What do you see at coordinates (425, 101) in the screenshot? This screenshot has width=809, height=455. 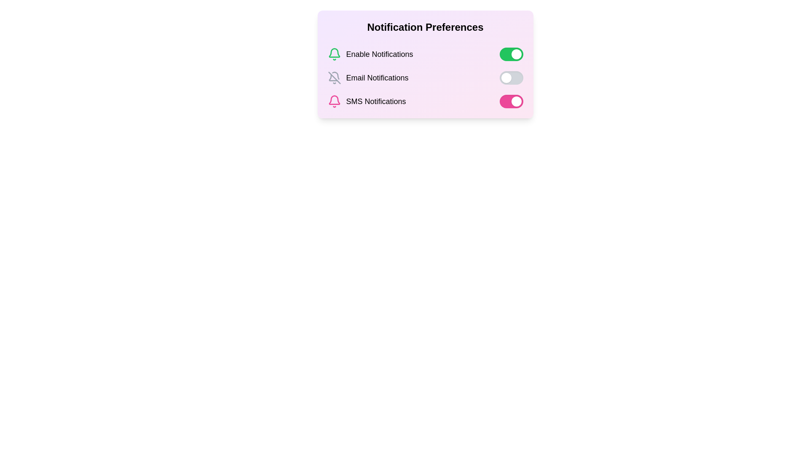 I see `the toggle switch for SMS notifications in the Notification Preferences section` at bounding box center [425, 101].